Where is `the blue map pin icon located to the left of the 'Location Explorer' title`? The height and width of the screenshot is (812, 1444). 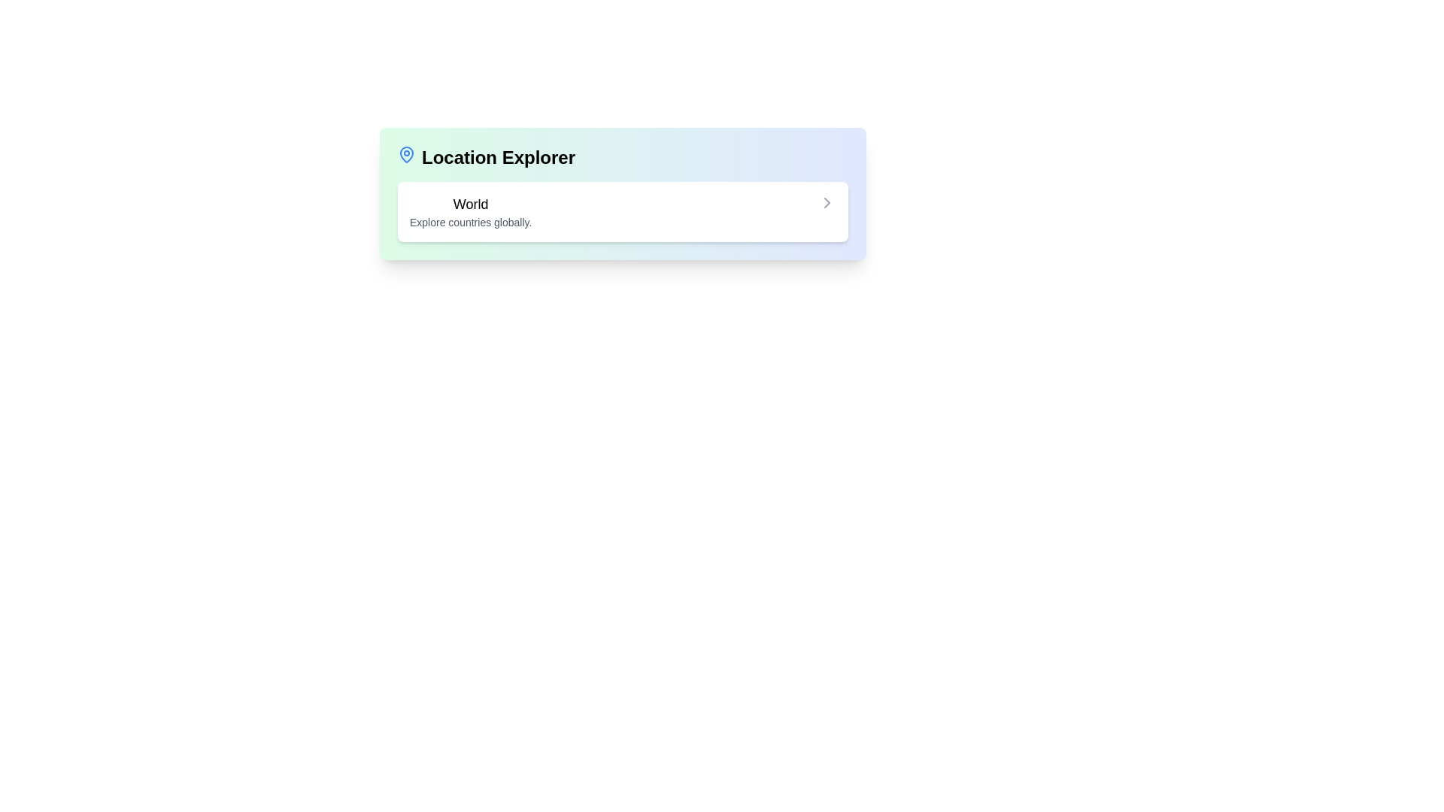 the blue map pin icon located to the left of the 'Location Explorer' title is located at coordinates (407, 153).